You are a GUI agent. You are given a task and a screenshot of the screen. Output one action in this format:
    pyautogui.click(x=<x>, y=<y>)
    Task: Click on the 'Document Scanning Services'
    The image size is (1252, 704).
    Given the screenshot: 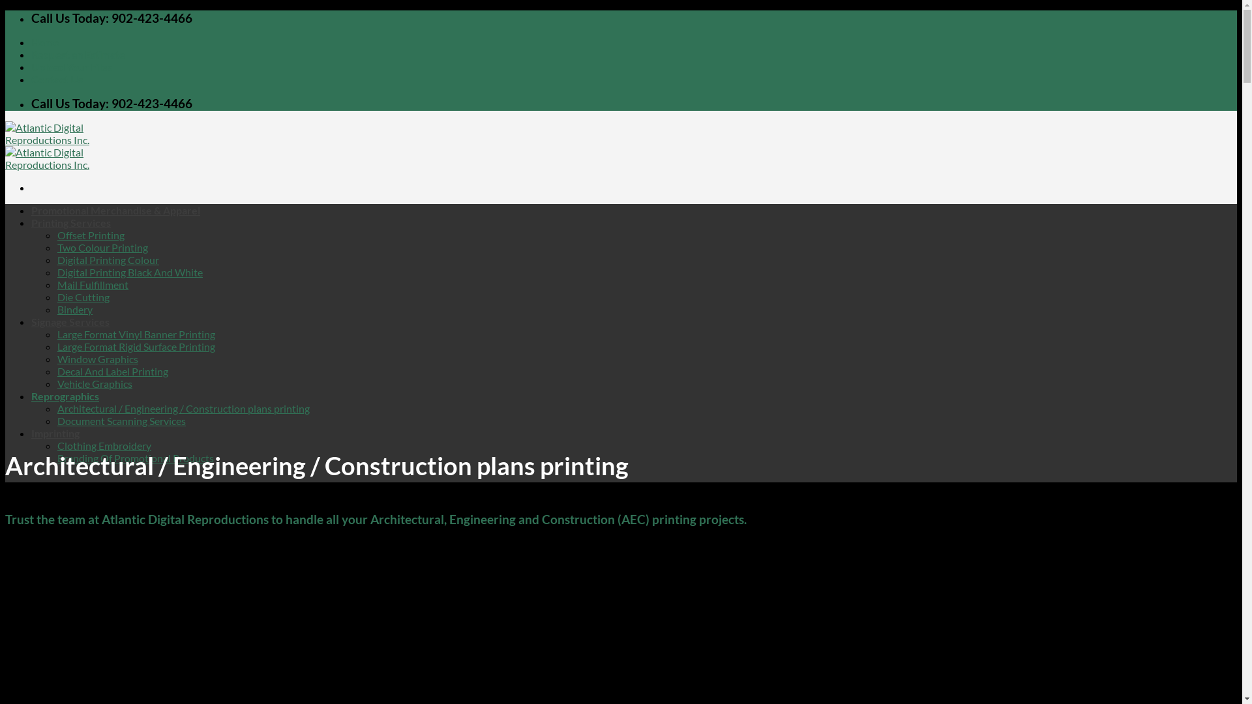 What is the action you would take?
    pyautogui.click(x=56, y=420)
    